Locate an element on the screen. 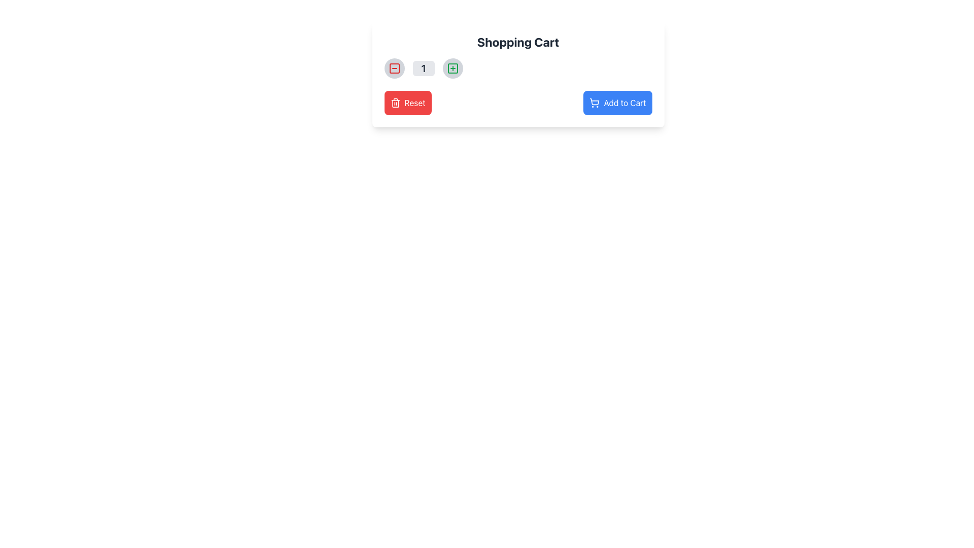 The height and width of the screenshot is (548, 974). the graphical representation of the shopping cart basket icon, which is the largest component within the shopping cart composite icon is located at coordinates (595, 101).